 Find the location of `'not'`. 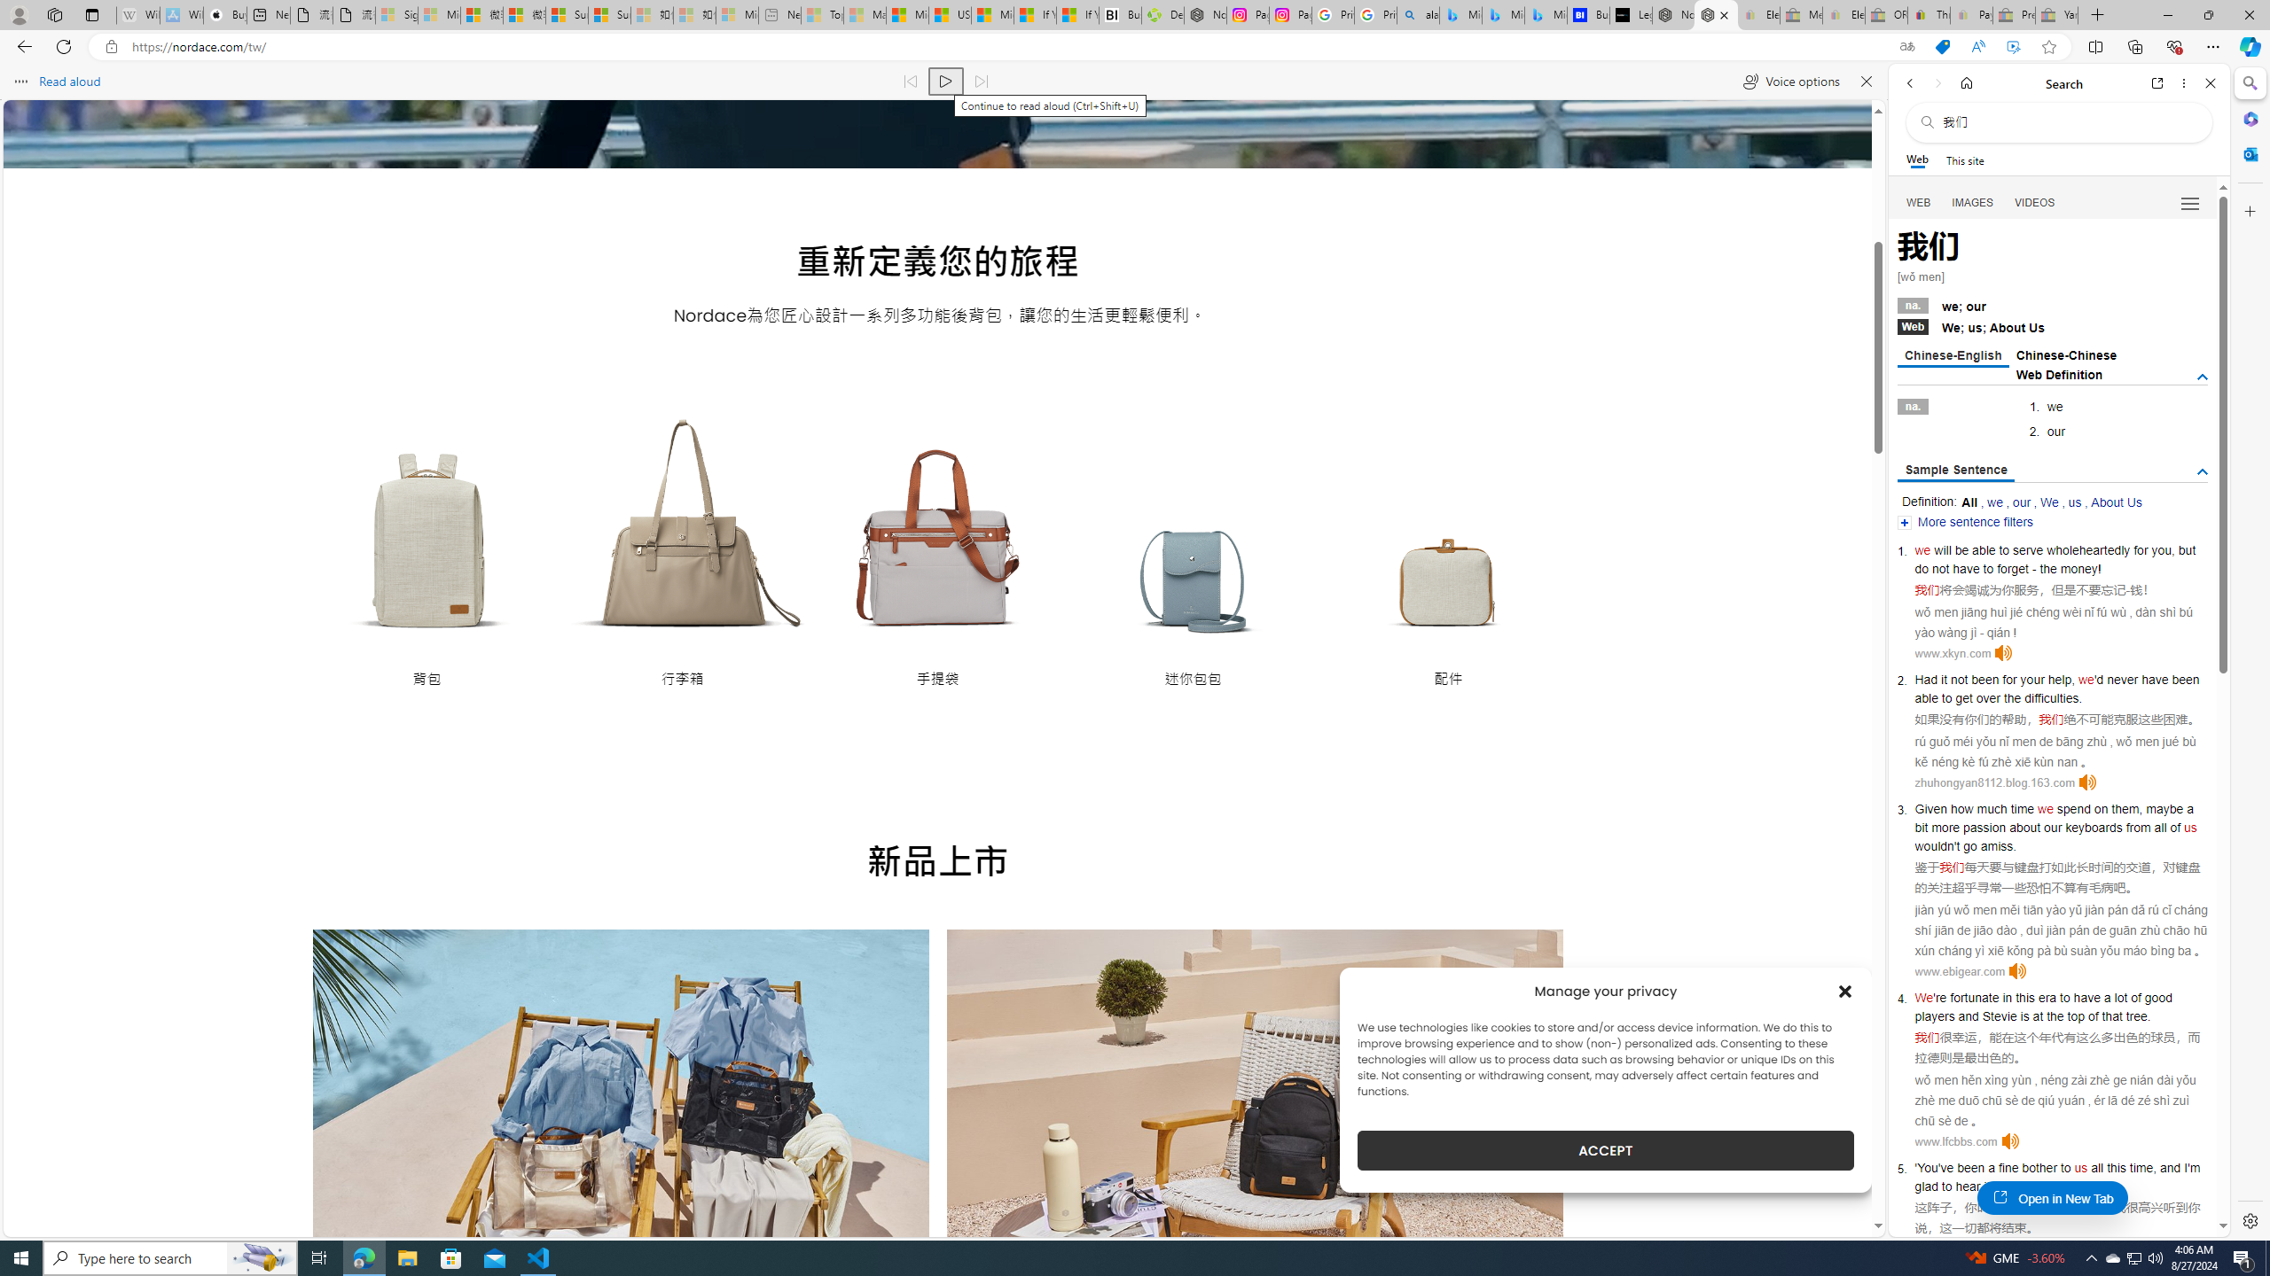

'not' is located at coordinates (1959, 678).